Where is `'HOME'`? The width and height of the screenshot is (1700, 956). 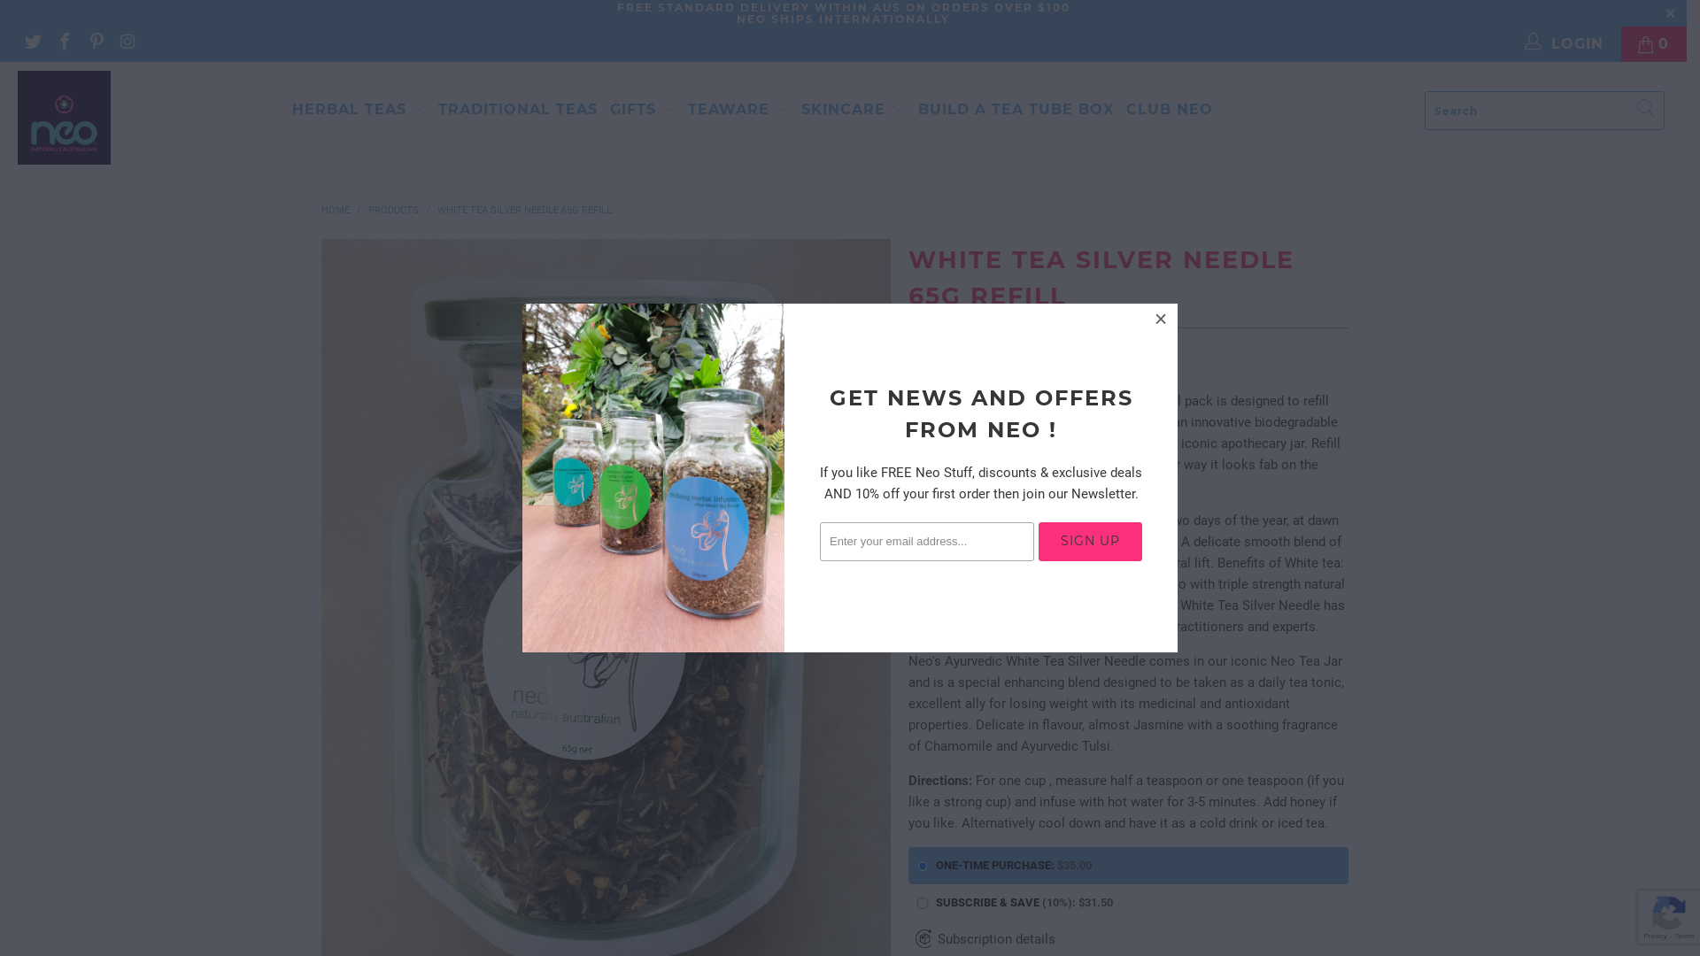 'HOME' is located at coordinates (335, 209).